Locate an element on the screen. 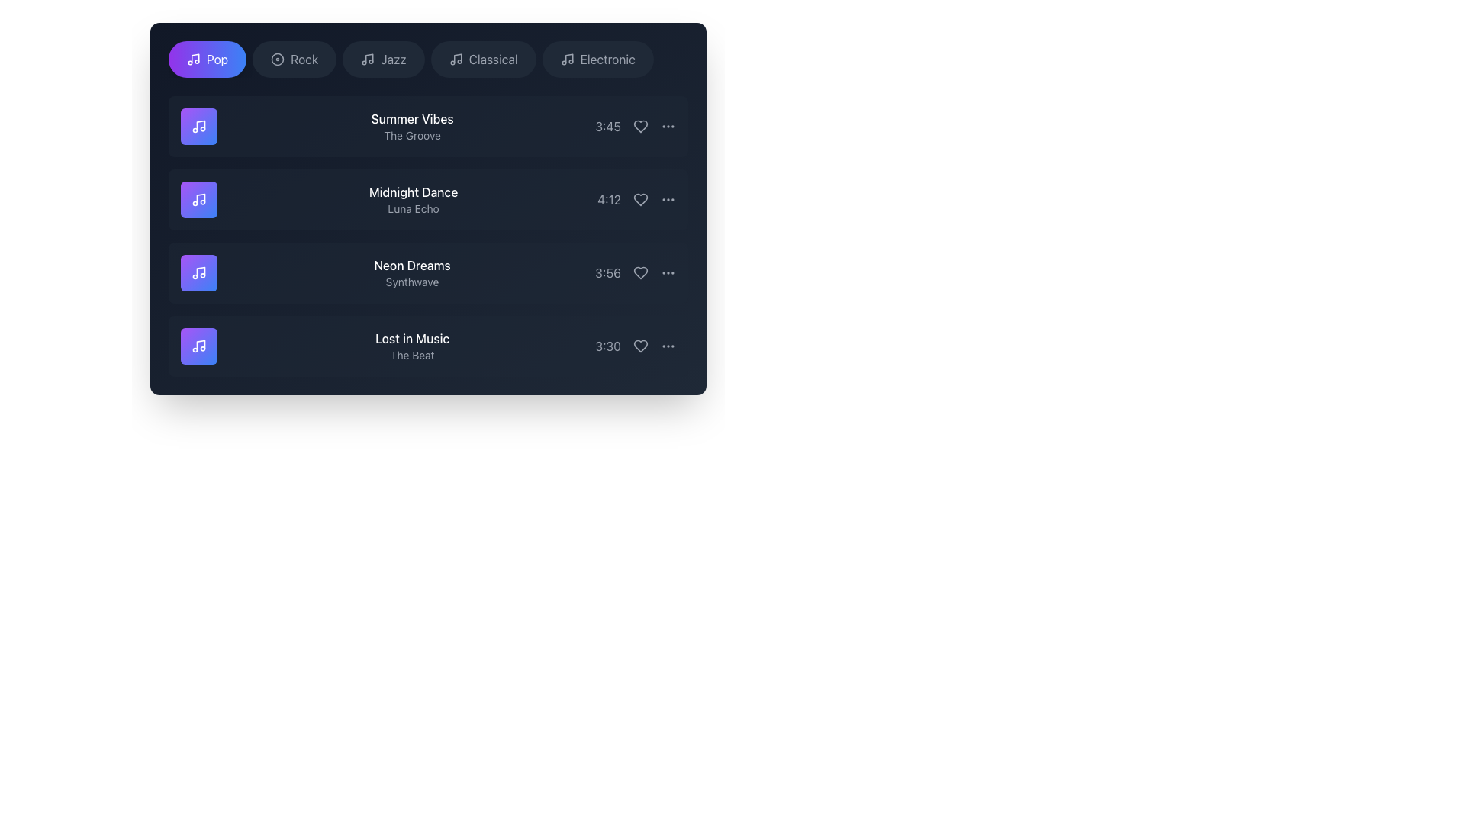 The width and height of the screenshot is (1465, 824). the ellipsis icon button, which consists of three horizontally aligned dots, located at the far right of the 'Lost in Music' track item is located at coordinates (668, 346).